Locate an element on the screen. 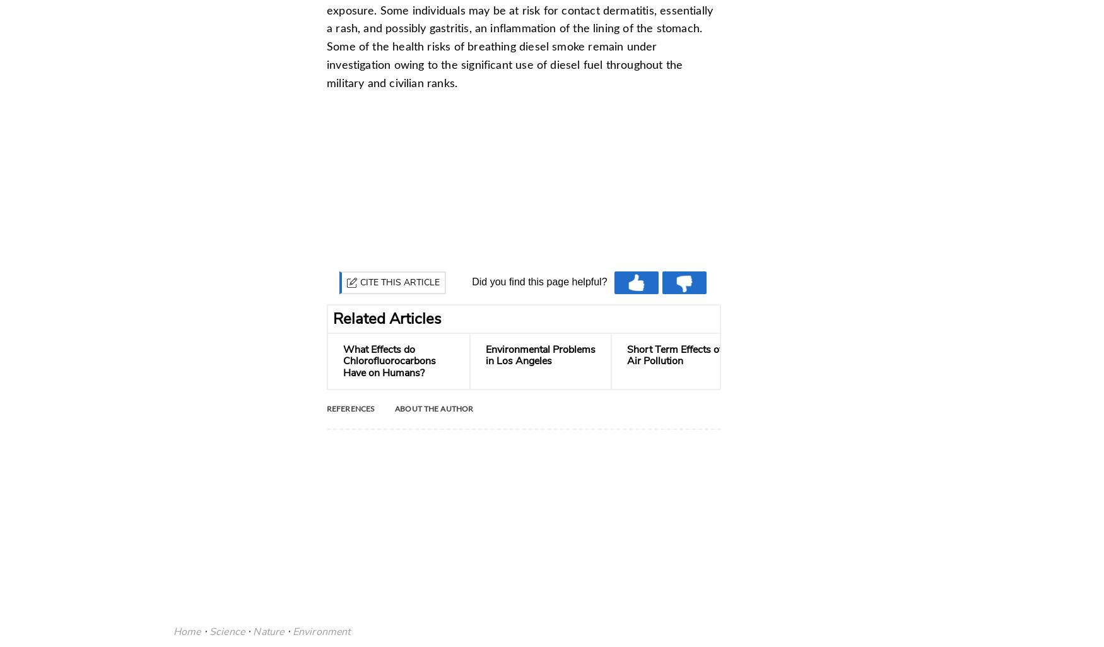  'Environmental Problems in Los Angeles' is located at coordinates (540, 355).